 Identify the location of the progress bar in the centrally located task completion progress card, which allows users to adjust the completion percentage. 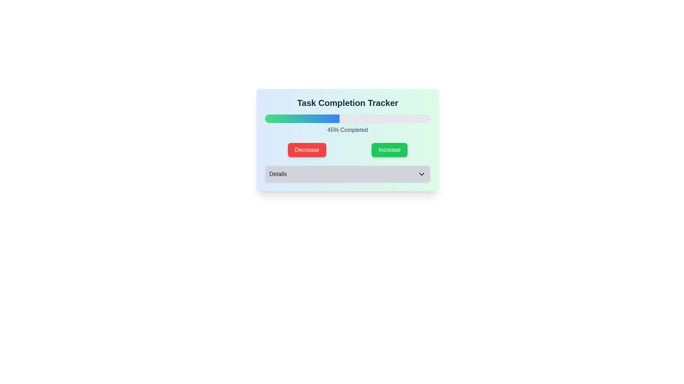
(347, 140).